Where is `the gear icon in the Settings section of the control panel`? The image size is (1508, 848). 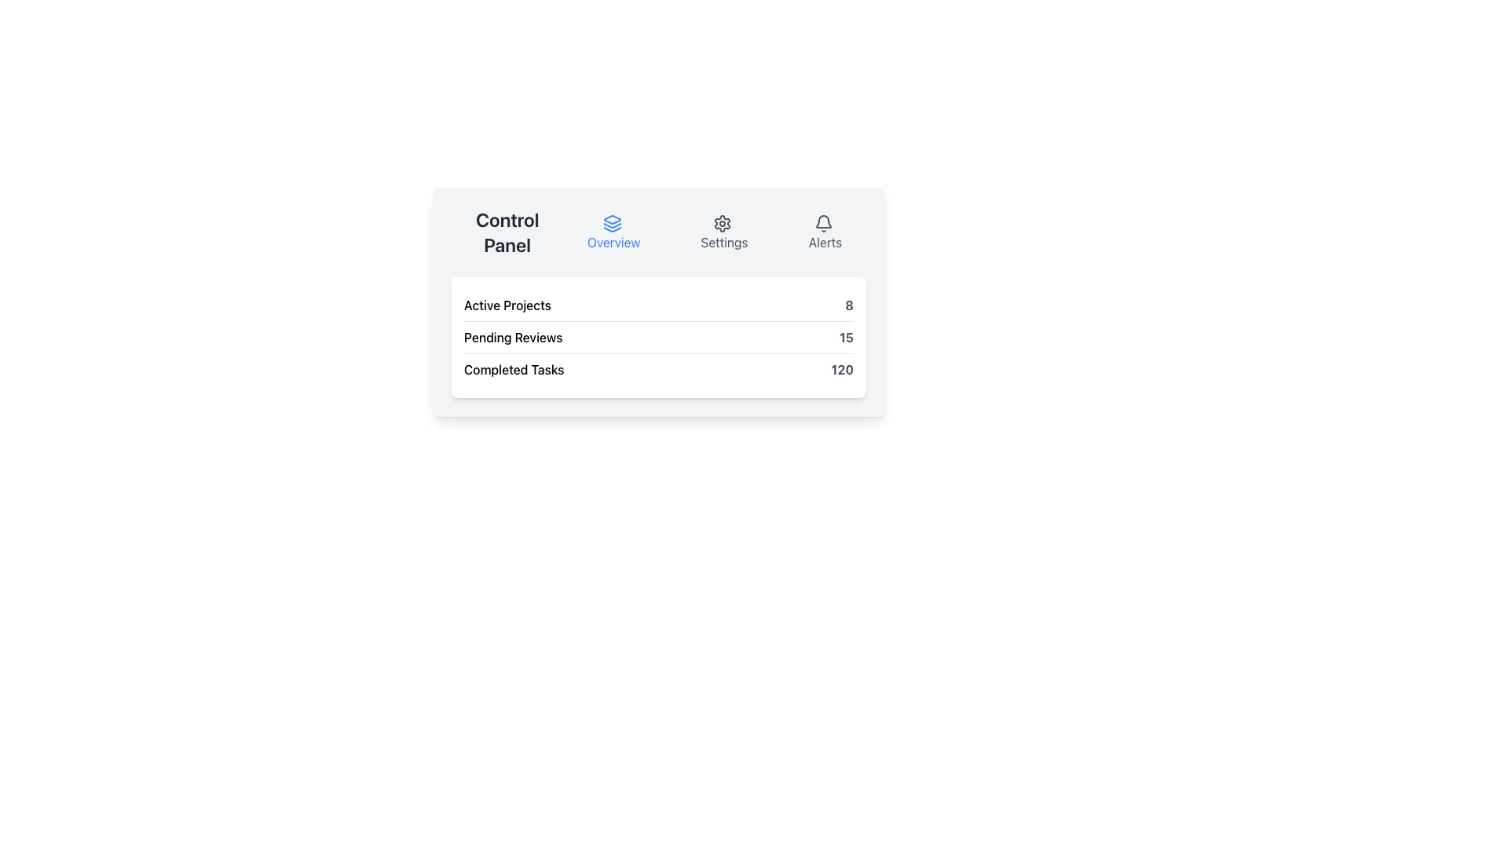
the gear icon in the Settings section of the control panel is located at coordinates (722, 223).